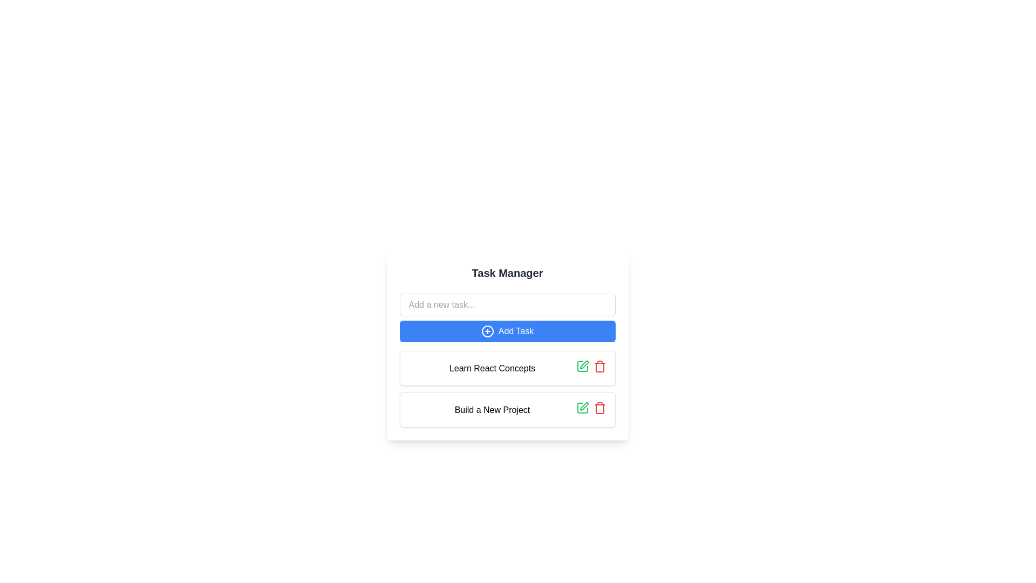  Describe the element at coordinates (583, 406) in the screenshot. I see `the pen-like icon with a green outline, which is the leftmost action icon in the task action menu adjacent to the 'Build a New Project' label` at that location.